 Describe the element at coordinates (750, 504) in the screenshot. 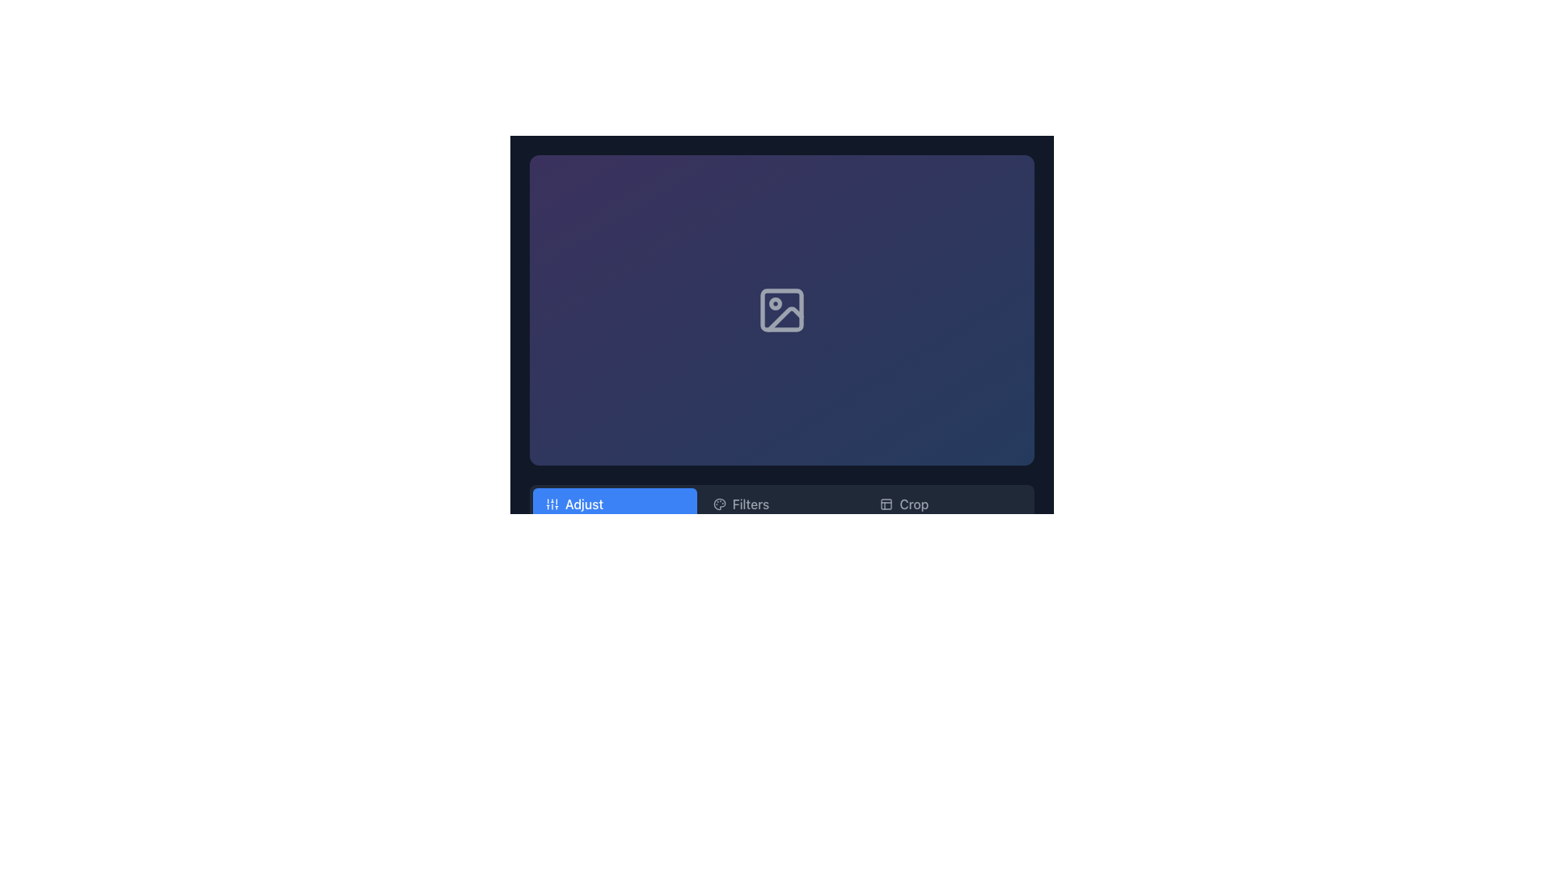

I see `the 'Filters' text label in the bottom horizontal menu bar` at that location.